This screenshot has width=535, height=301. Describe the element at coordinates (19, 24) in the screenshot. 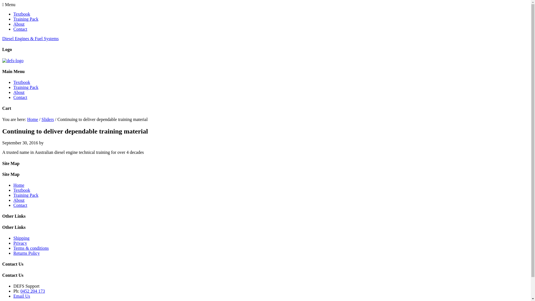

I see `'About'` at that location.